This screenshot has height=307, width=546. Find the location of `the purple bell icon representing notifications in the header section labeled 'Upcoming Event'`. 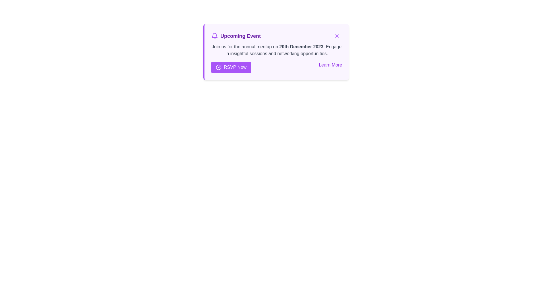

the purple bell icon representing notifications in the header section labeled 'Upcoming Event' is located at coordinates (214, 36).